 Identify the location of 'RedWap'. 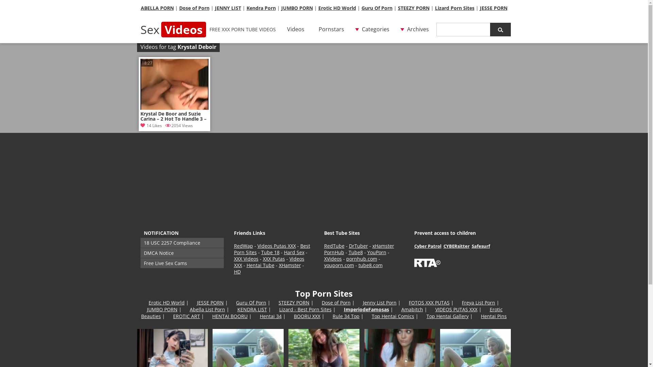
(234, 246).